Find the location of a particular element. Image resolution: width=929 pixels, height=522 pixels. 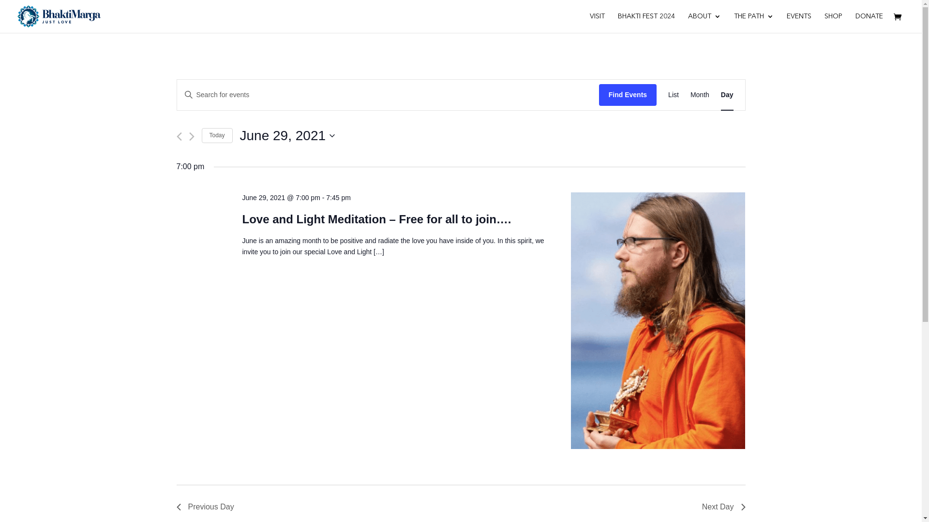

'THE PATH' is located at coordinates (753, 22).